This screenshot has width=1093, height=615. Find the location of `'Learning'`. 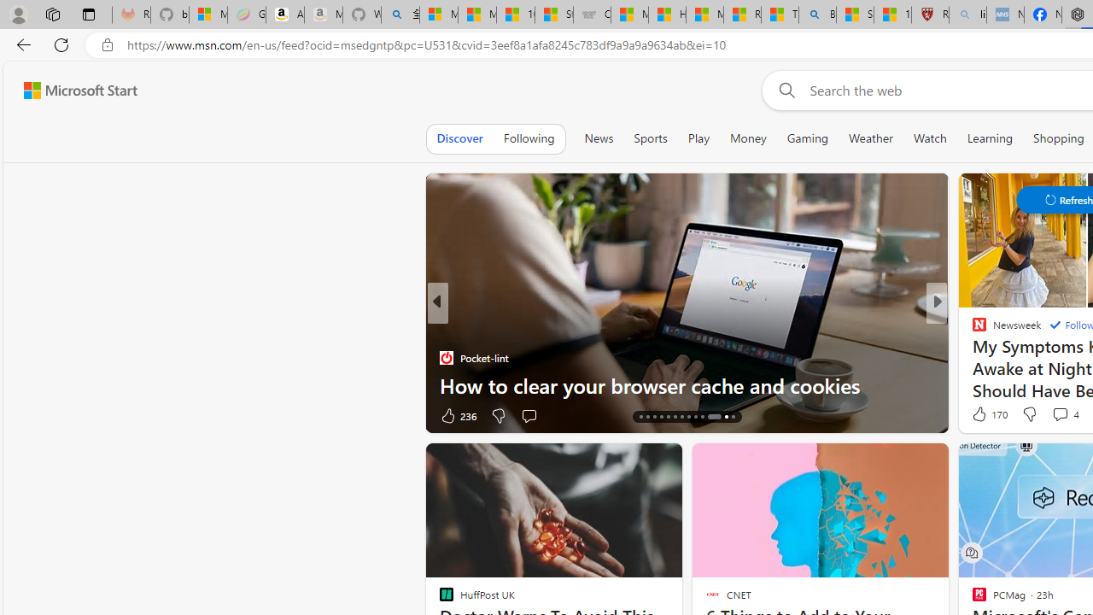

'Learning' is located at coordinates (990, 138).